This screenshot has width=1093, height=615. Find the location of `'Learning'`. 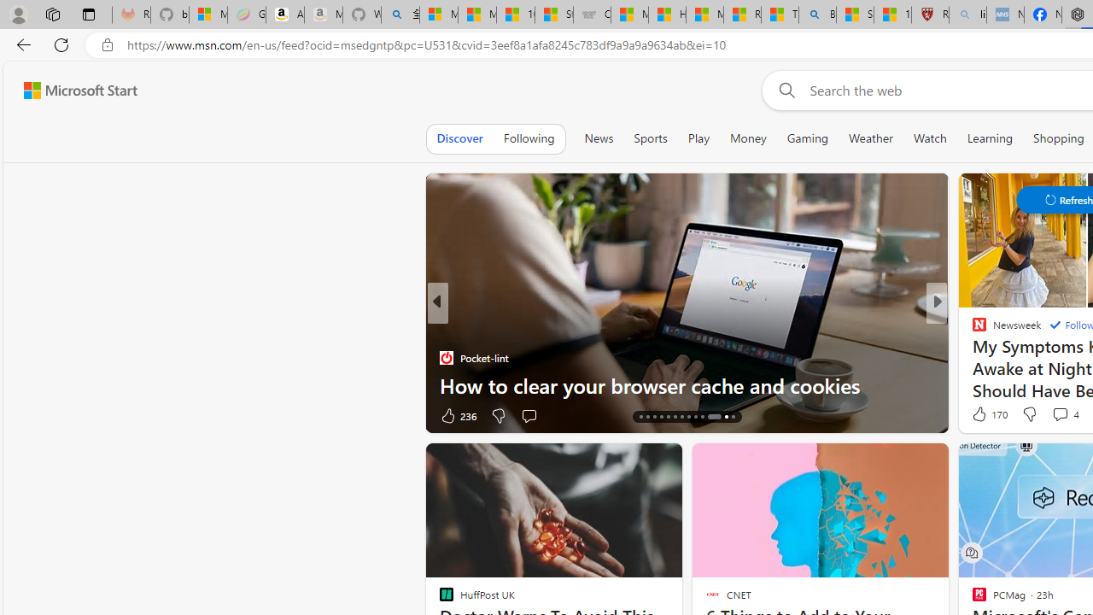

'Learning' is located at coordinates (990, 138).